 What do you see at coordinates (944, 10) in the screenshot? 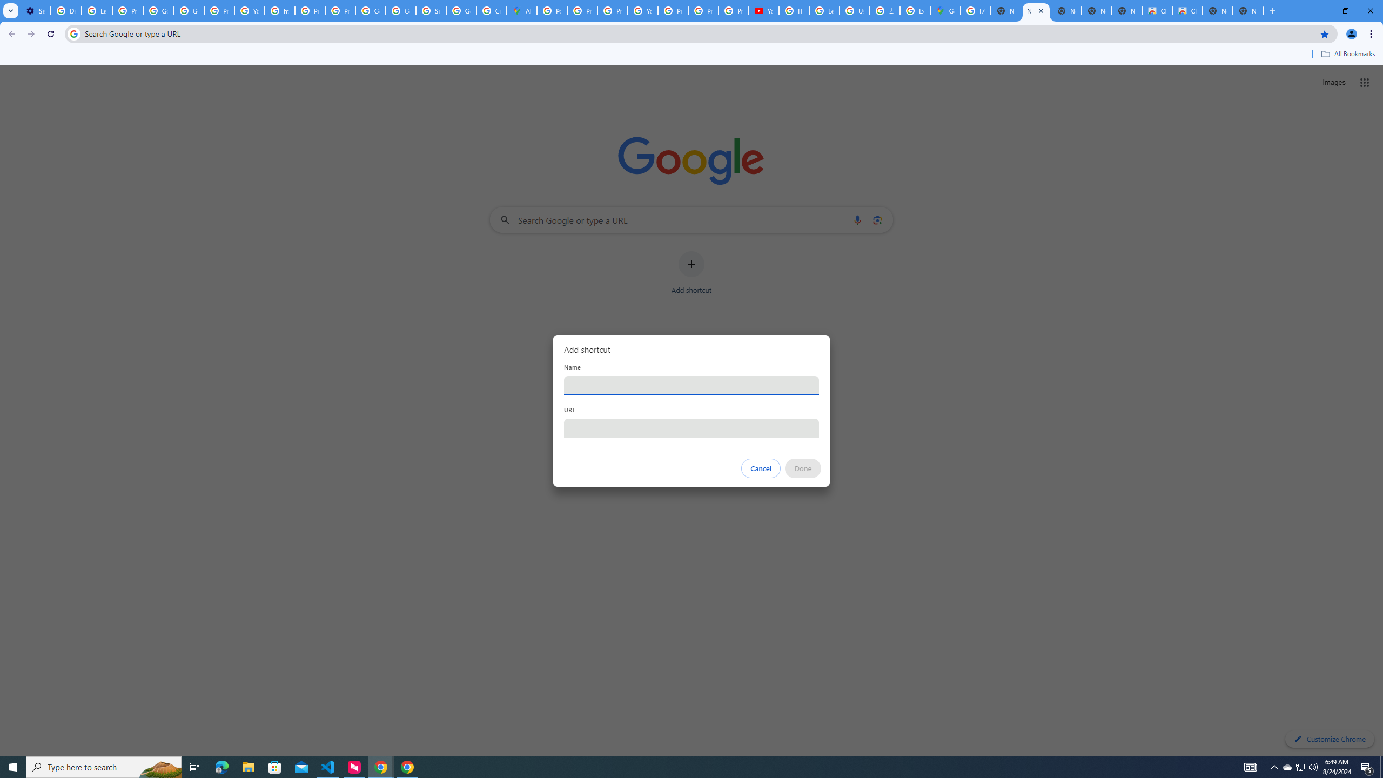
I see `'Google Maps'` at bounding box center [944, 10].